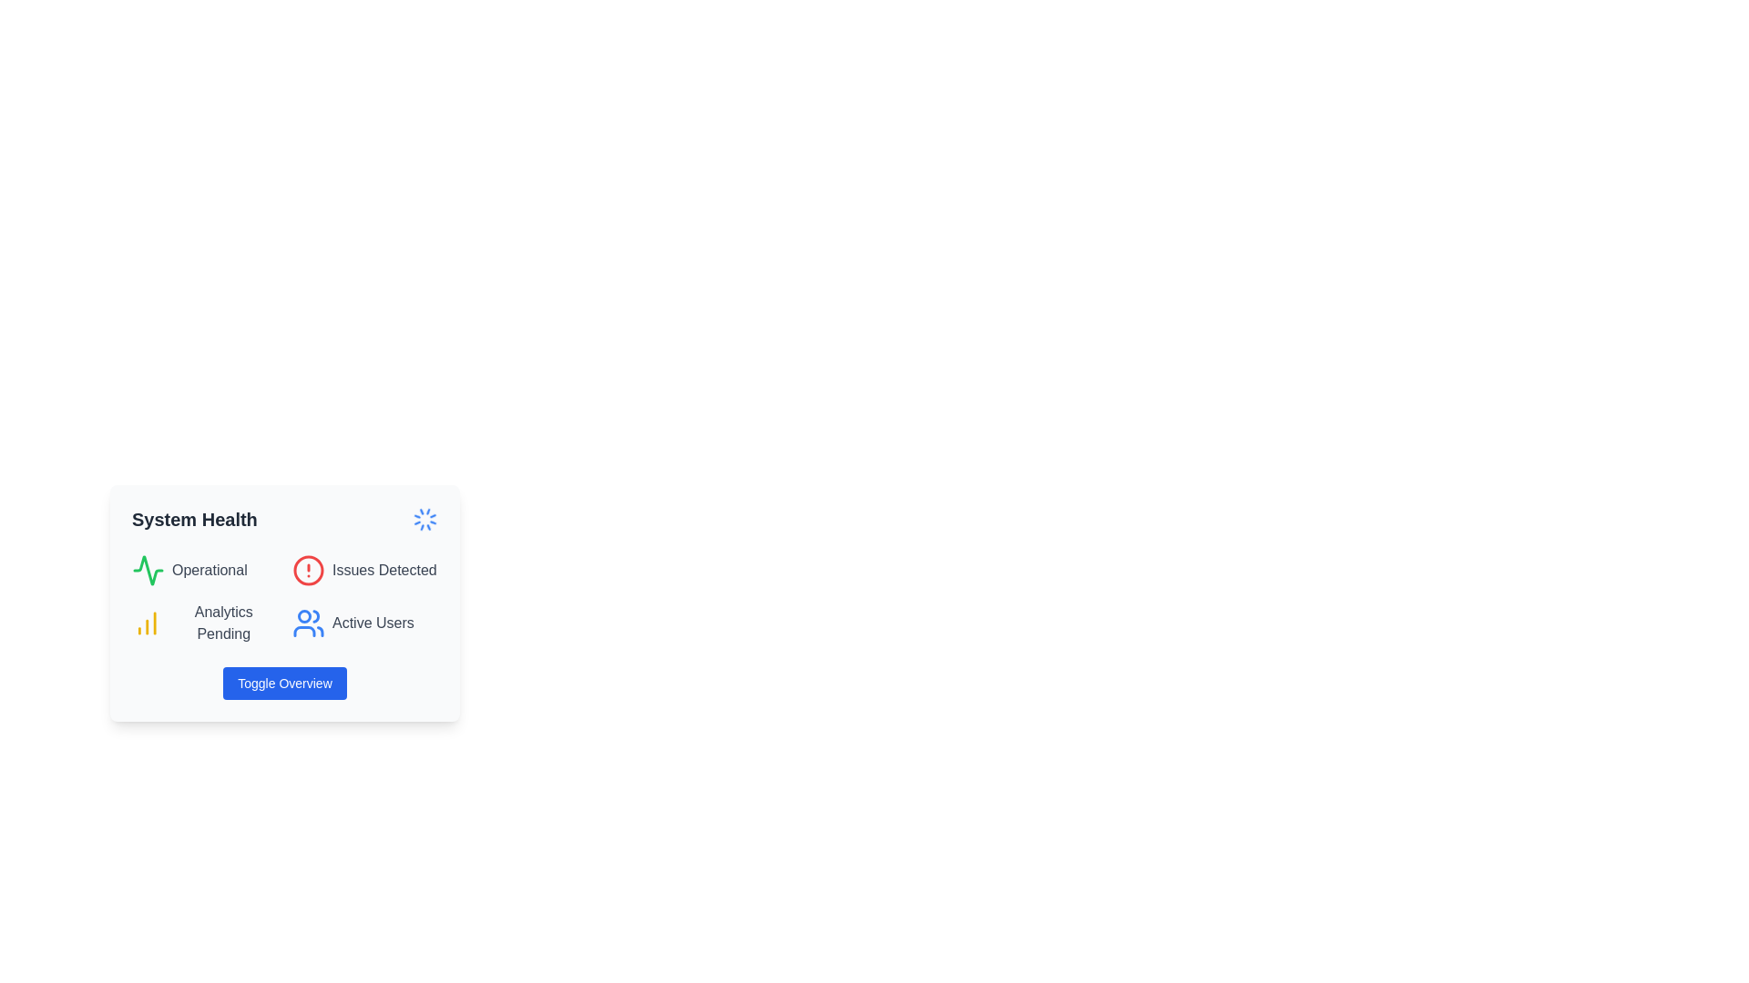 This screenshot has height=983, width=1749. Describe the element at coordinates (194, 519) in the screenshot. I see `the 'System Health' text label, which is prominently displayed in a large, bold, dark font at the top-left corner of its section within the status overview card` at that location.